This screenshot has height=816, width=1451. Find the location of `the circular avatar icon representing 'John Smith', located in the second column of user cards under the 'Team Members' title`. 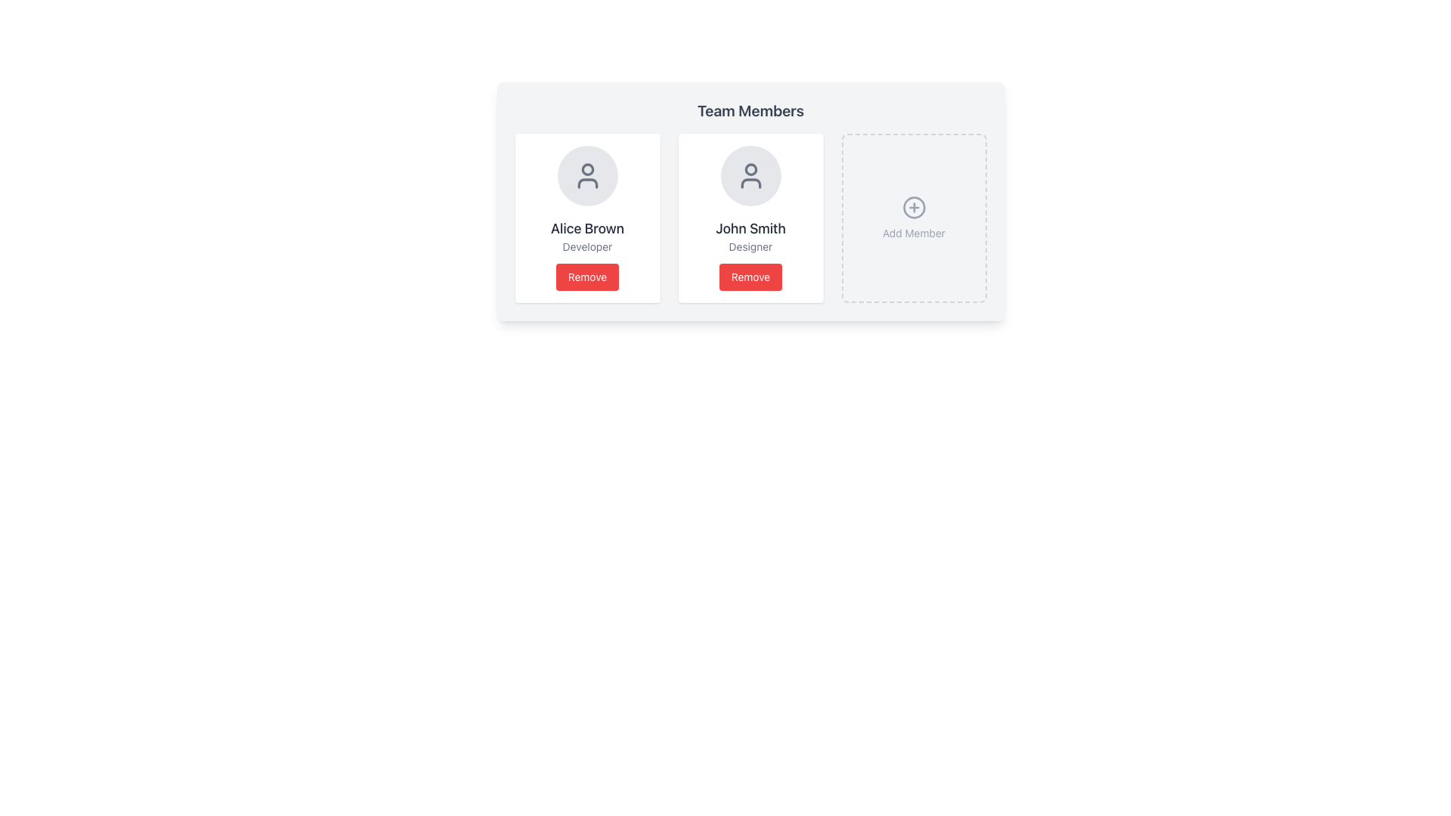

the circular avatar icon representing 'John Smith', located in the second column of user cards under the 'Team Members' title is located at coordinates (750, 175).